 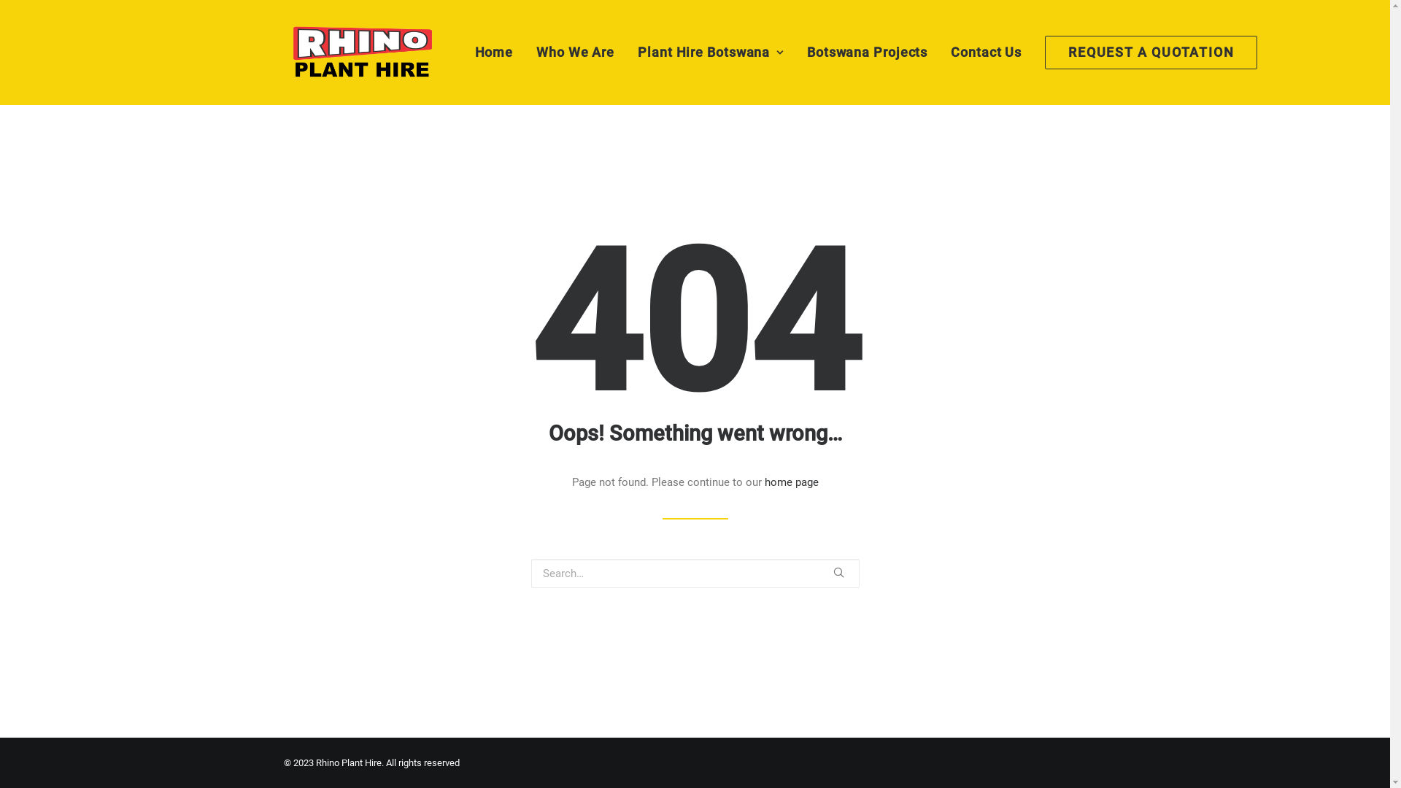 I want to click on 'Search for:', so click(x=695, y=573).